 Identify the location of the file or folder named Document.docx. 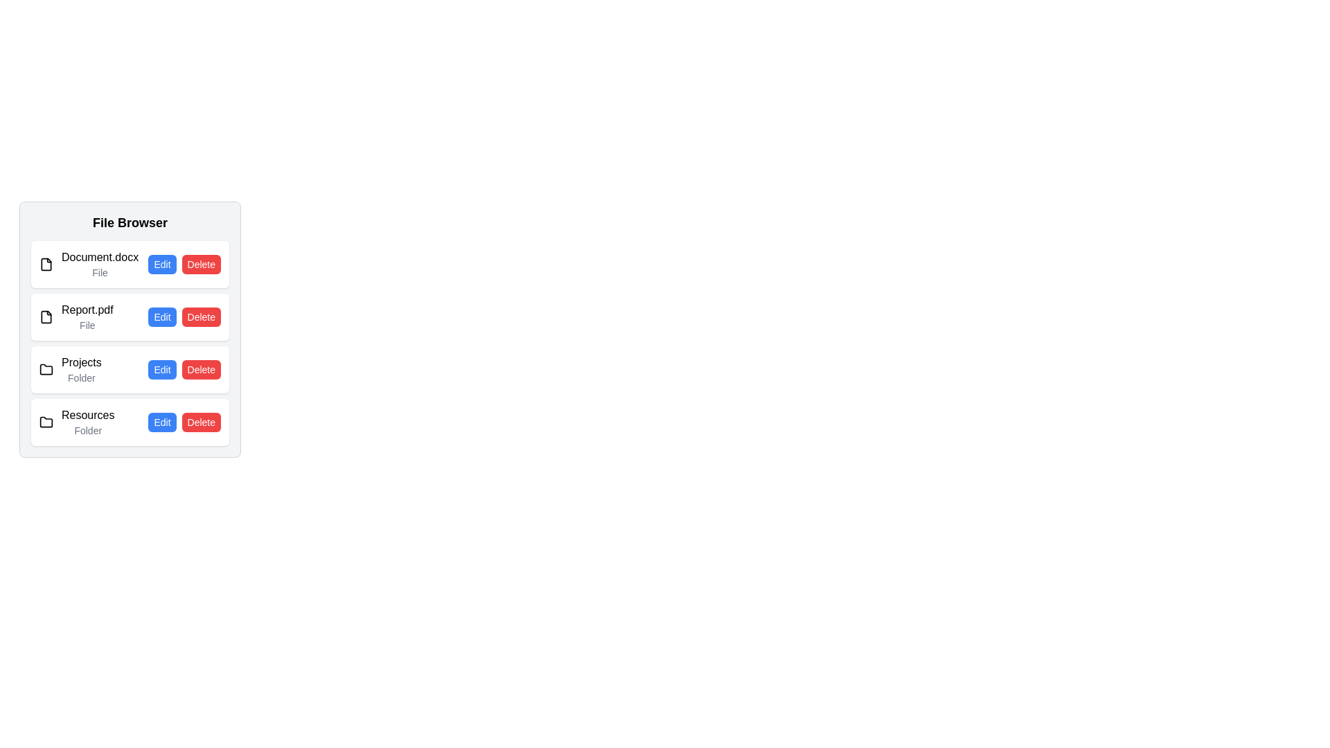
(130, 264).